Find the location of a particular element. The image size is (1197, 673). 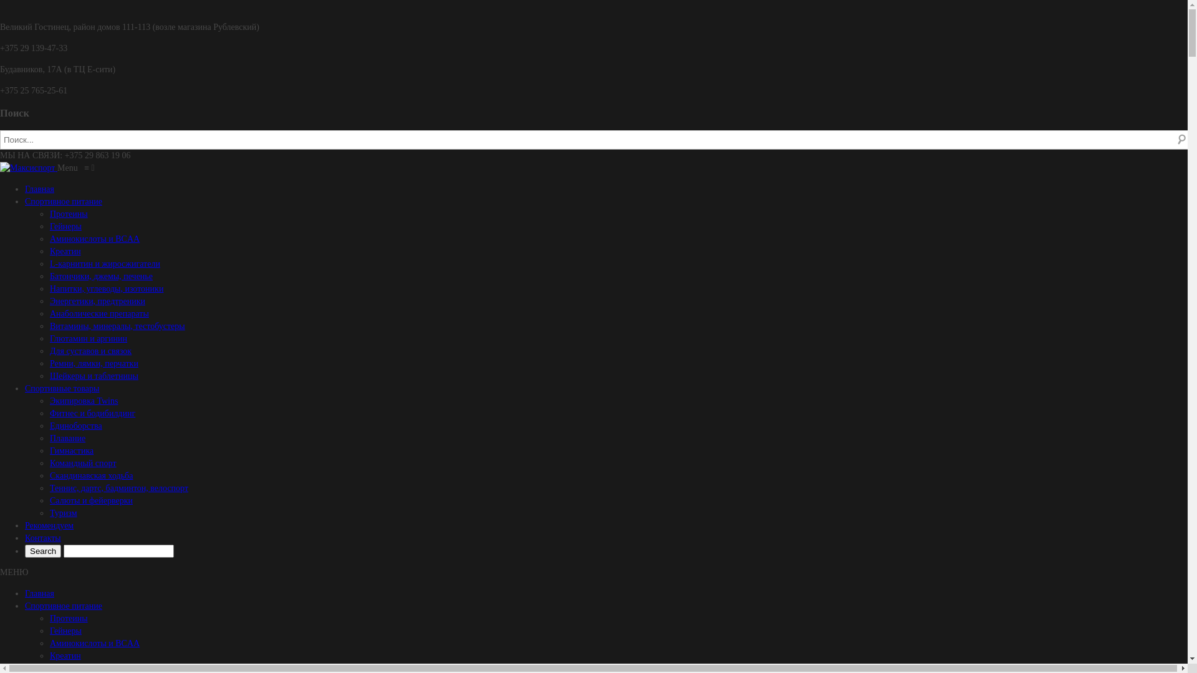

'Search' is located at coordinates (24, 550).